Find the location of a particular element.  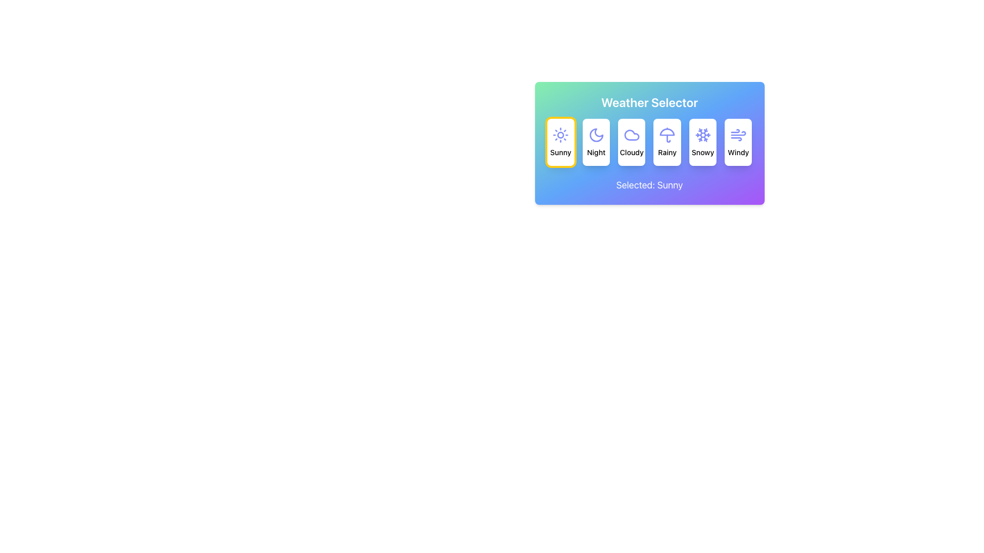

the 'Rainy' weather condition button in the 'Weather Selector' panel is located at coordinates (667, 142).